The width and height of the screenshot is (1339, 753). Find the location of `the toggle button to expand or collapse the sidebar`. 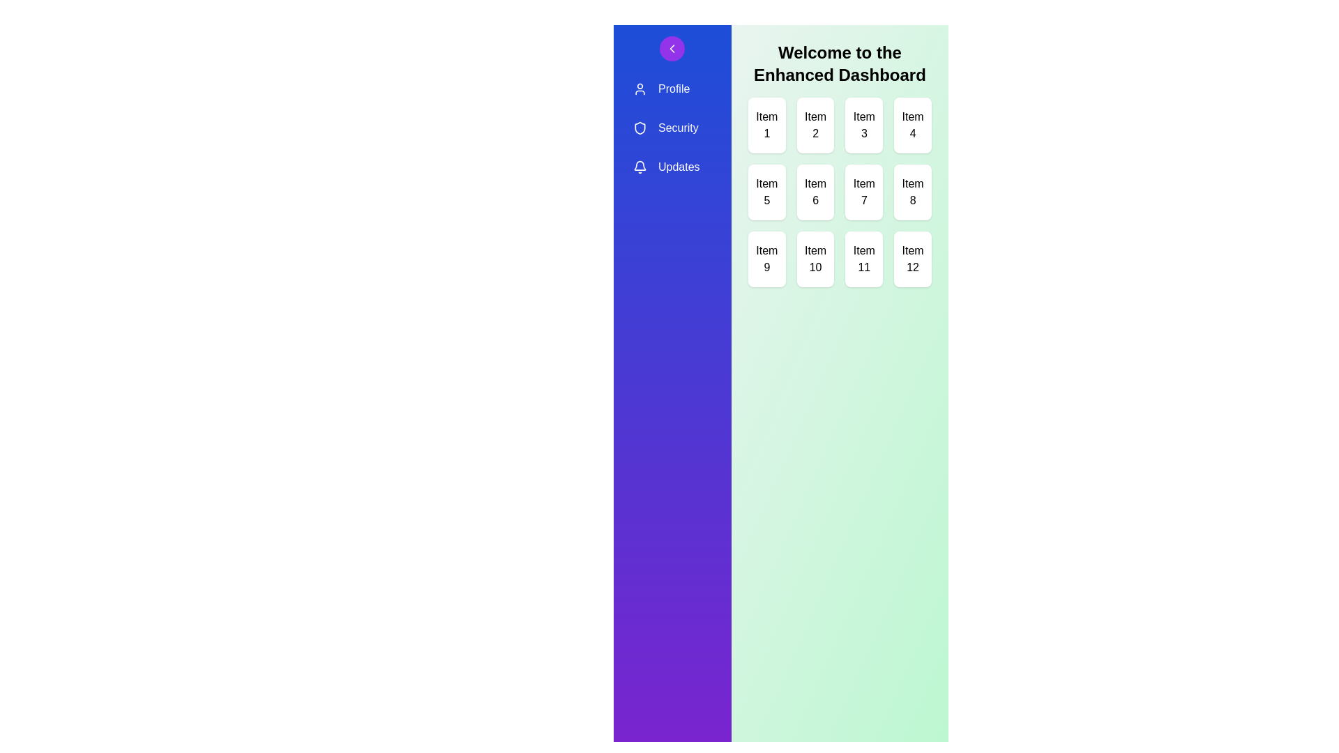

the toggle button to expand or collapse the sidebar is located at coordinates (672, 47).